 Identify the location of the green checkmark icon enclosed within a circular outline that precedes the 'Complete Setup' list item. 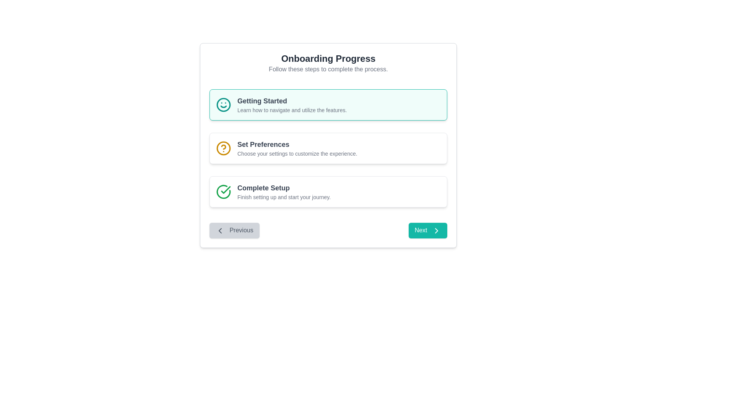
(223, 191).